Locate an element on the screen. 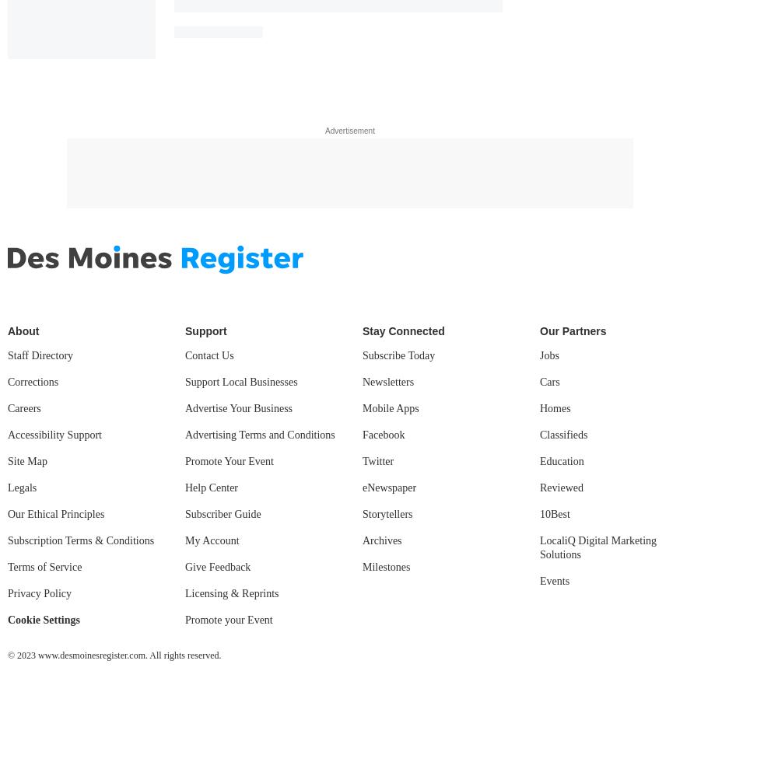 The height and width of the screenshot is (783, 778). 'Twitter' is located at coordinates (362, 460).